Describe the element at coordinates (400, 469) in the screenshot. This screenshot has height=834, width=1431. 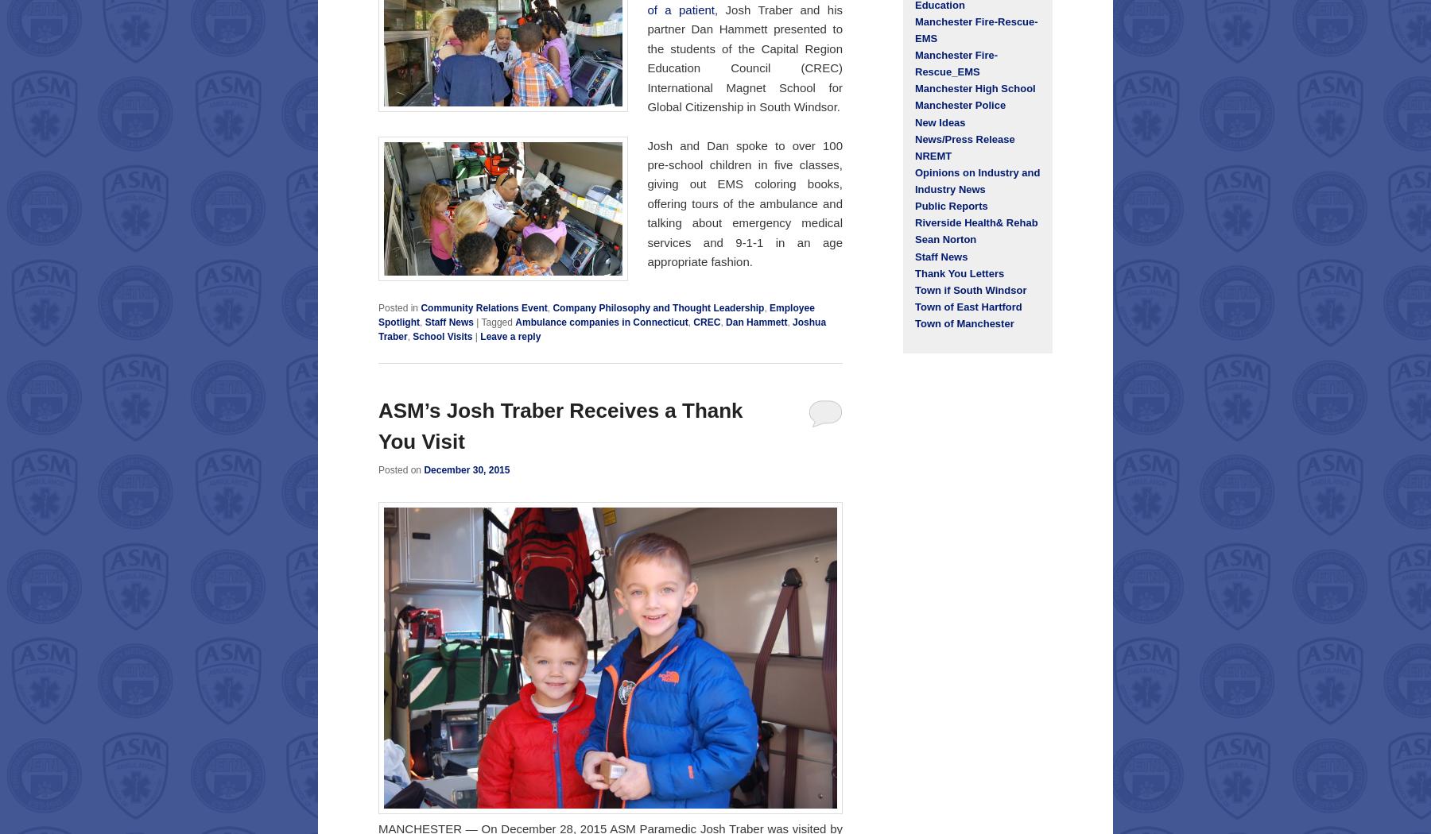
I see `'Posted on'` at that location.